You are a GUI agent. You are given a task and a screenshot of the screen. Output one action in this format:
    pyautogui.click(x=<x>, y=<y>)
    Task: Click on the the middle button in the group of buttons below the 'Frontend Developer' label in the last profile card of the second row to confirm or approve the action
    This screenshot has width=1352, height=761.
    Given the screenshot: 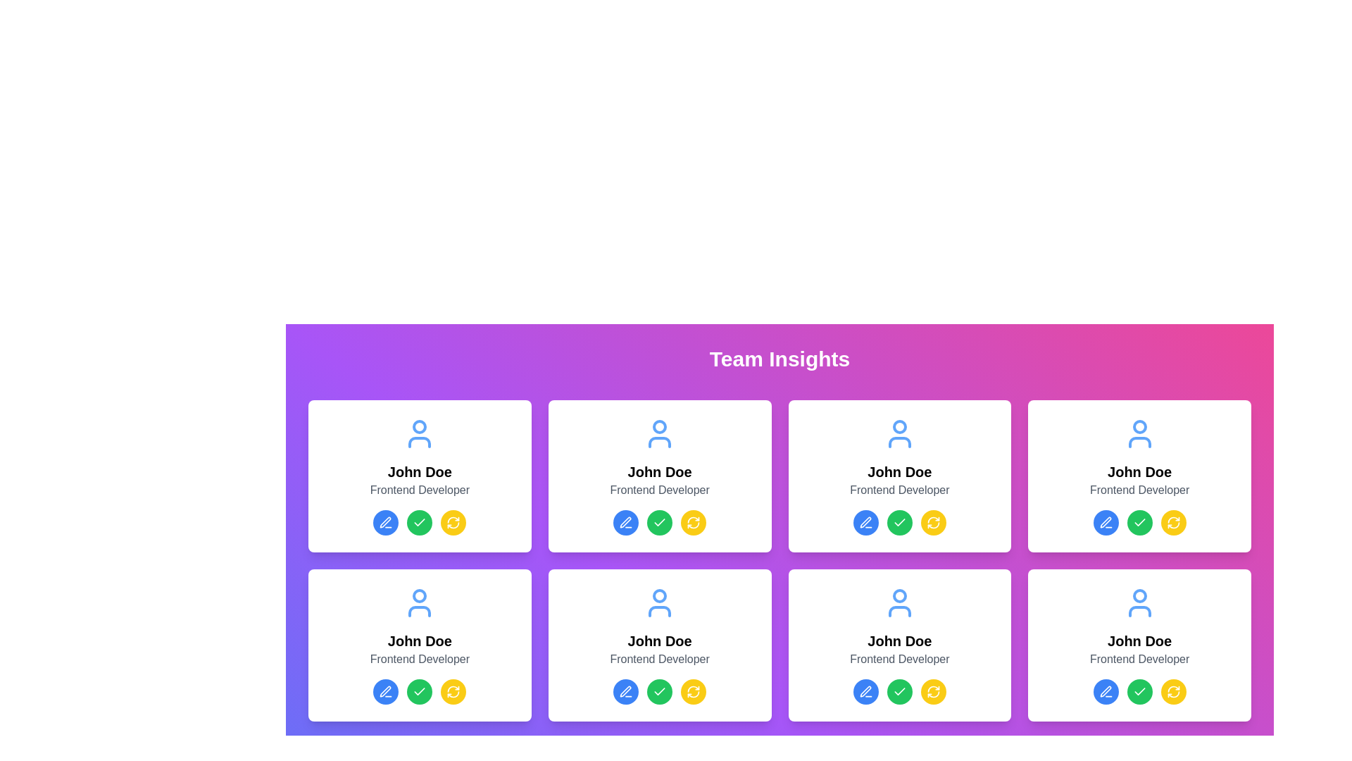 What is the action you would take?
    pyautogui.click(x=1139, y=691)
    